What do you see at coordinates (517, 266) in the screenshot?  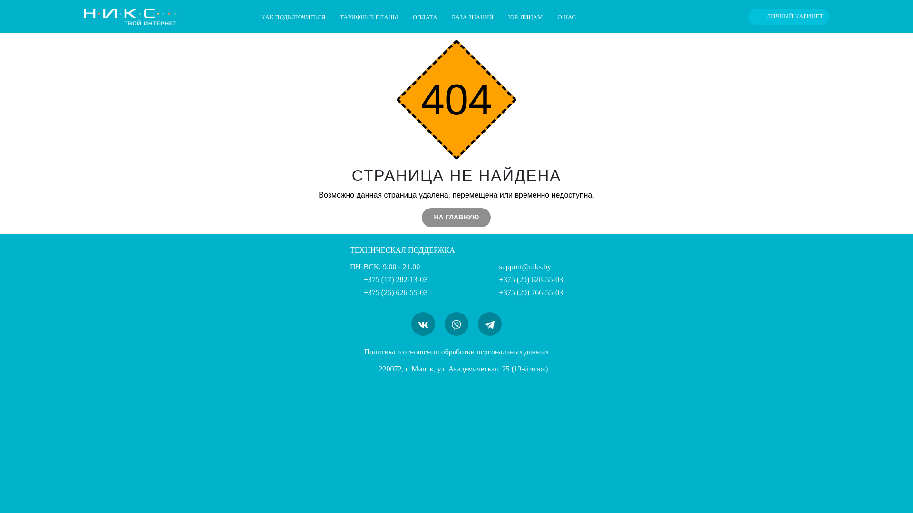 I see `'support@niks.by'` at bounding box center [517, 266].